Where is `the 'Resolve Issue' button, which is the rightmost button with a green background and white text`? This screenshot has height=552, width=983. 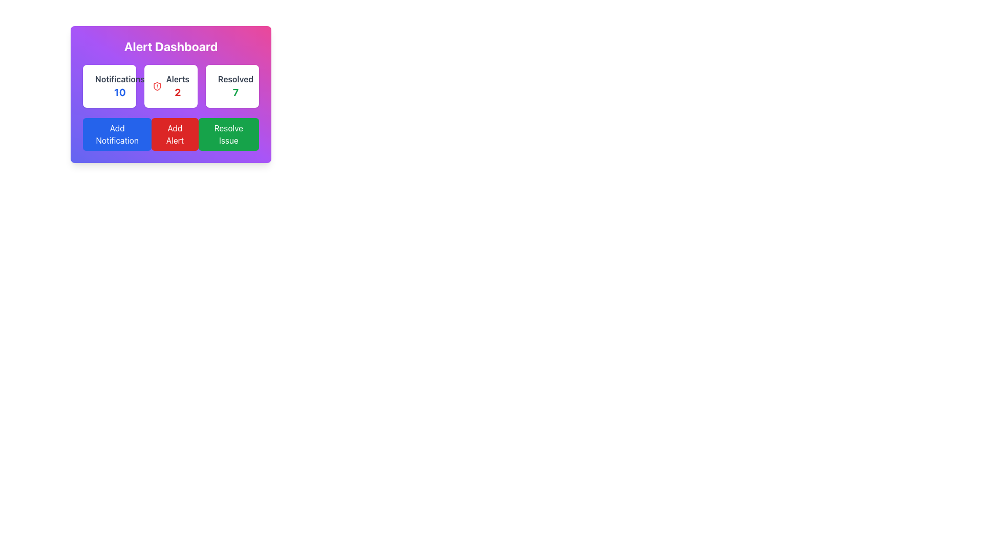
the 'Resolve Issue' button, which is the rightmost button with a green background and white text is located at coordinates (228, 133).